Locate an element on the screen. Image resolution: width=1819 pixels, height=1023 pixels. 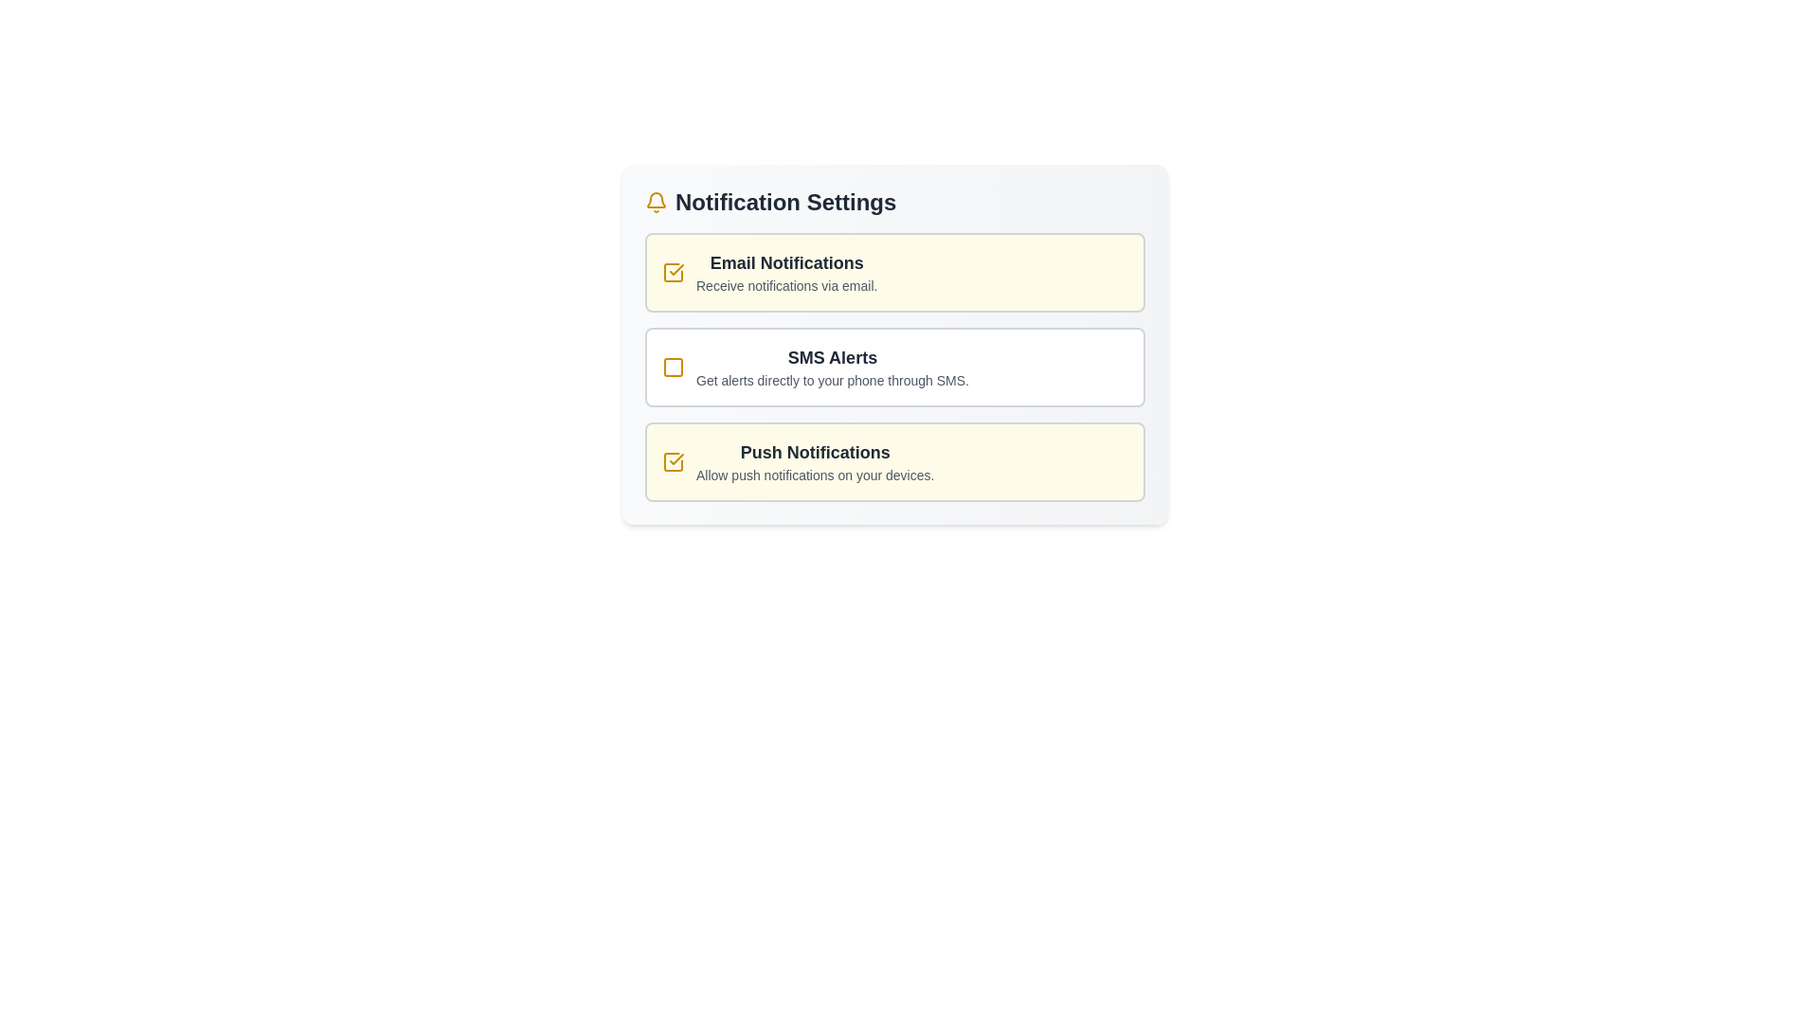
description of the Option card with a checkbox for SMS alerts, which is the second option in the 'Notification Settings' section is located at coordinates (894, 368).